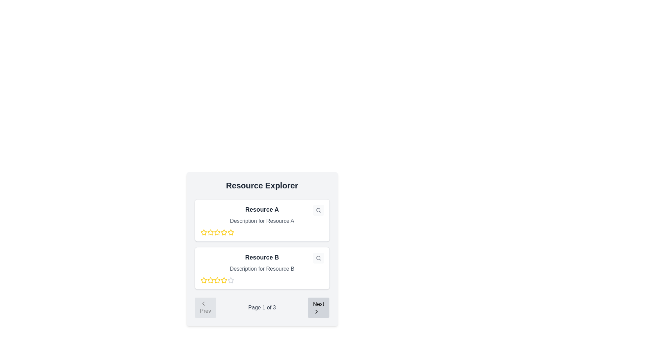  What do you see at coordinates (224, 280) in the screenshot?
I see `the fifth rating star icon for 'Resource B' in the Resource Explorer section` at bounding box center [224, 280].